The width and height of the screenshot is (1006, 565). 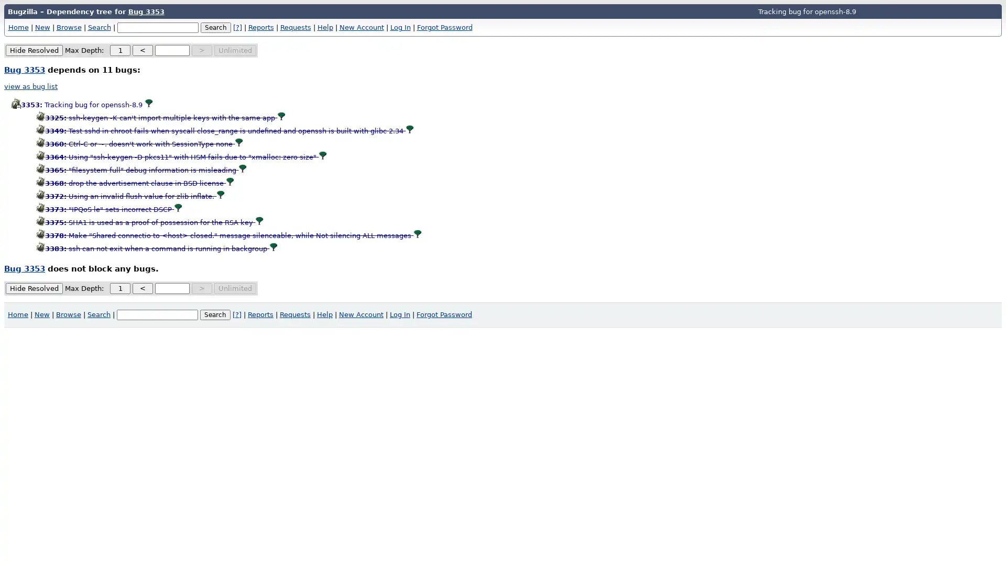 I want to click on 1, so click(x=120, y=288).